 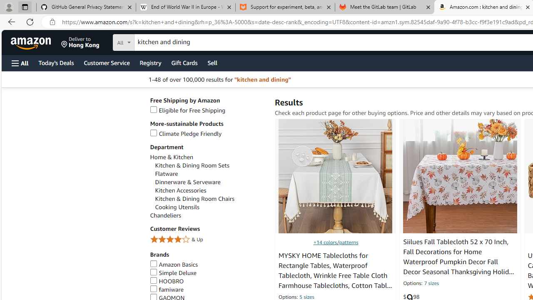 I want to click on '+14 colors/patterns', so click(x=336, y=242).